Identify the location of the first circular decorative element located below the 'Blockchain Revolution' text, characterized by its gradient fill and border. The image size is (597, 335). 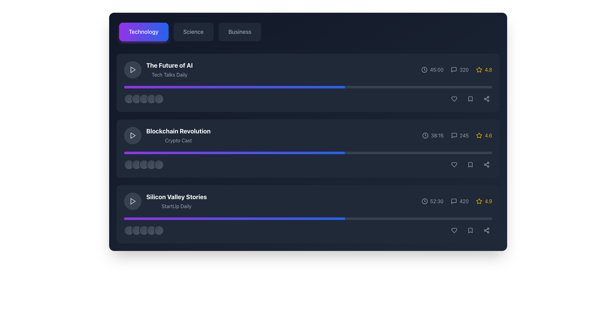
(128, 164).